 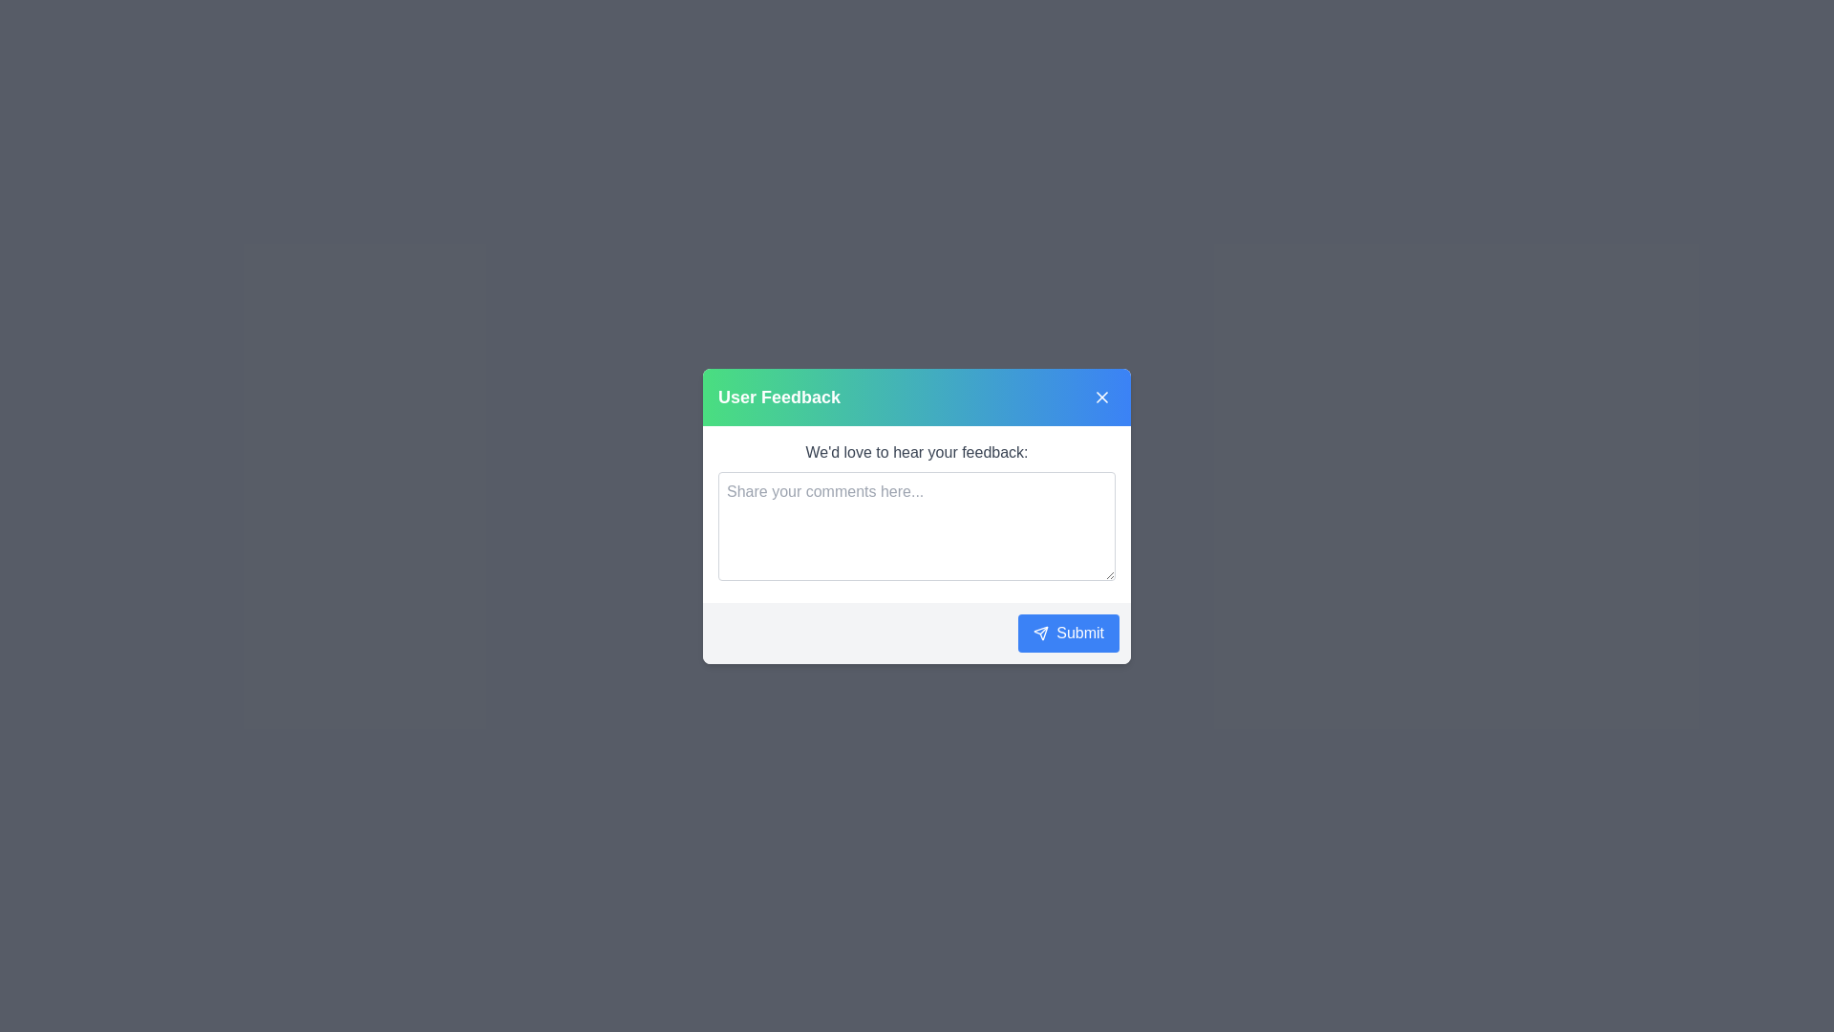 What do you see at coordinates (1101, 396) in the screenshot?
I see `the 'close' or 'dismiss' button represented by an 'X' shape, which is part of an SVG icon located in the top-right corner of the 'User Feedback' modal window` at bounding box center [1101, 396].